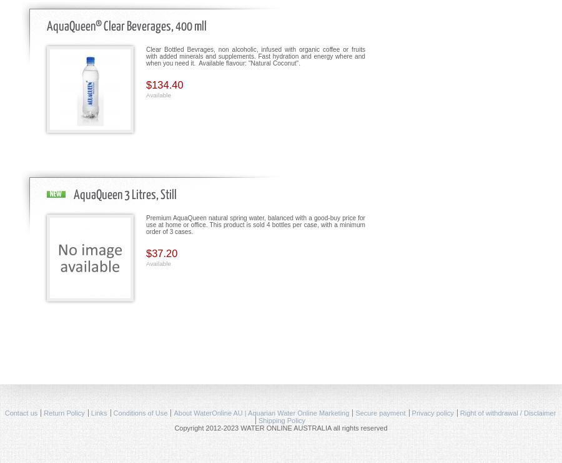  I want to click on '$37.20', so click(161, 252).